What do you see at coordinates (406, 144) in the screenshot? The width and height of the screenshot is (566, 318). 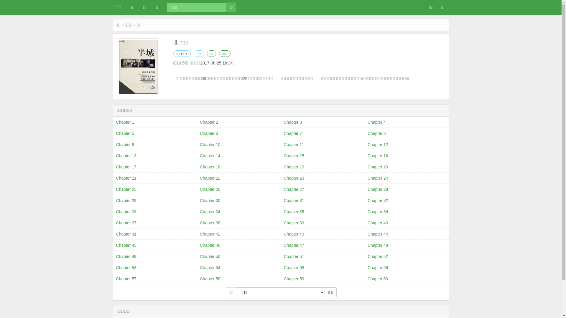 I see `'Chapter 12'` at bounding box center [406, 144].